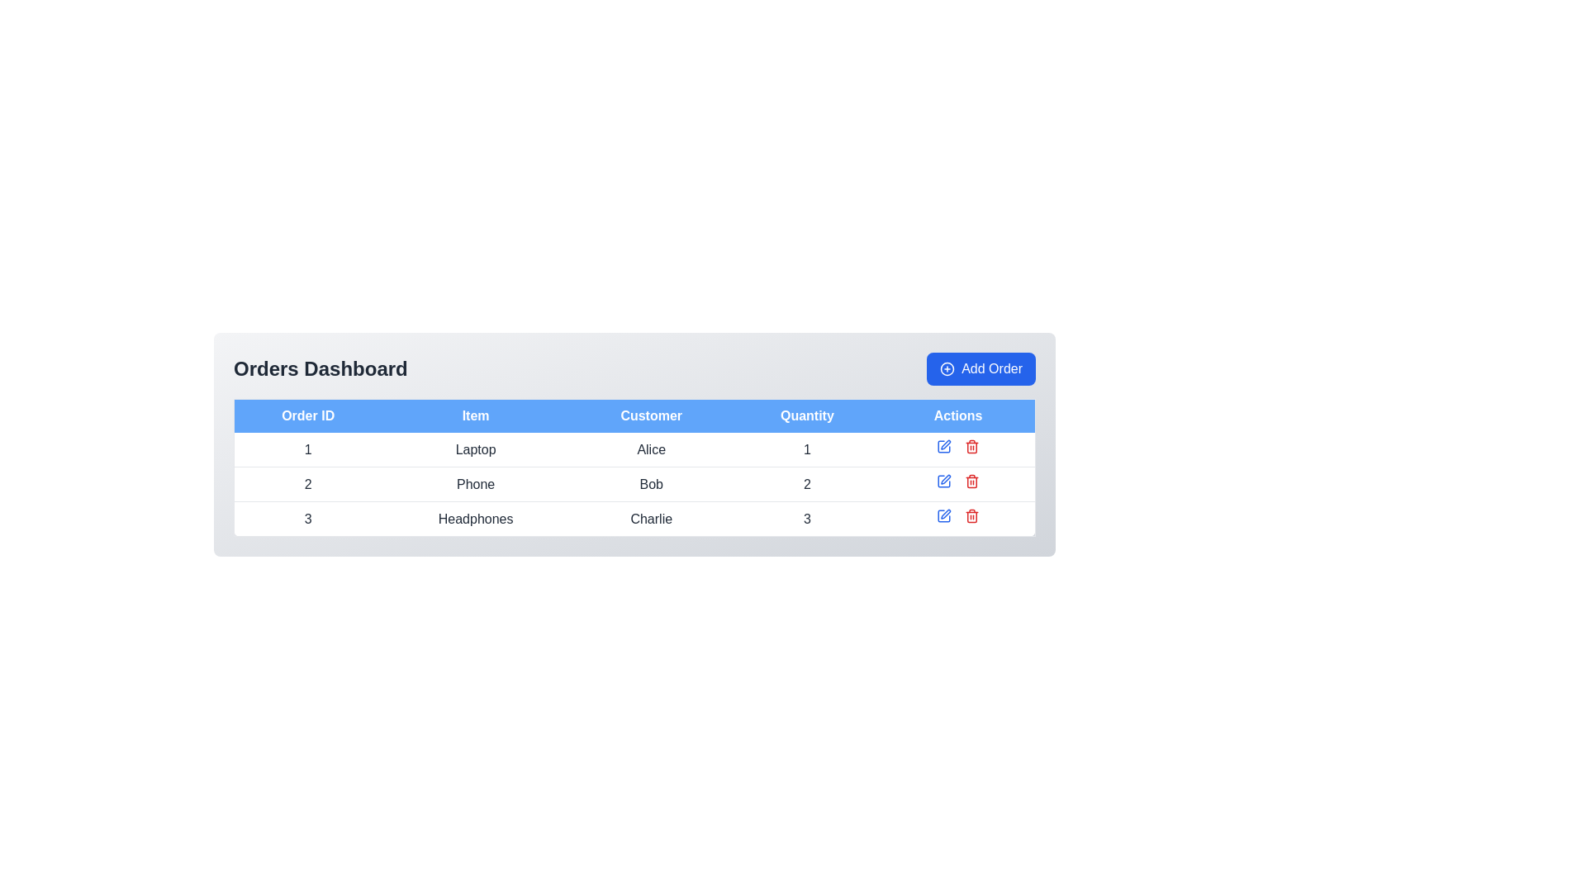  What do you see at coordinates (944, 446) in the screenshot?
I see `the blue pen icon button within the 'Actions' column of the table row corresponding to 'Phone' and 'Bob'` at bounding box center [944, 446].